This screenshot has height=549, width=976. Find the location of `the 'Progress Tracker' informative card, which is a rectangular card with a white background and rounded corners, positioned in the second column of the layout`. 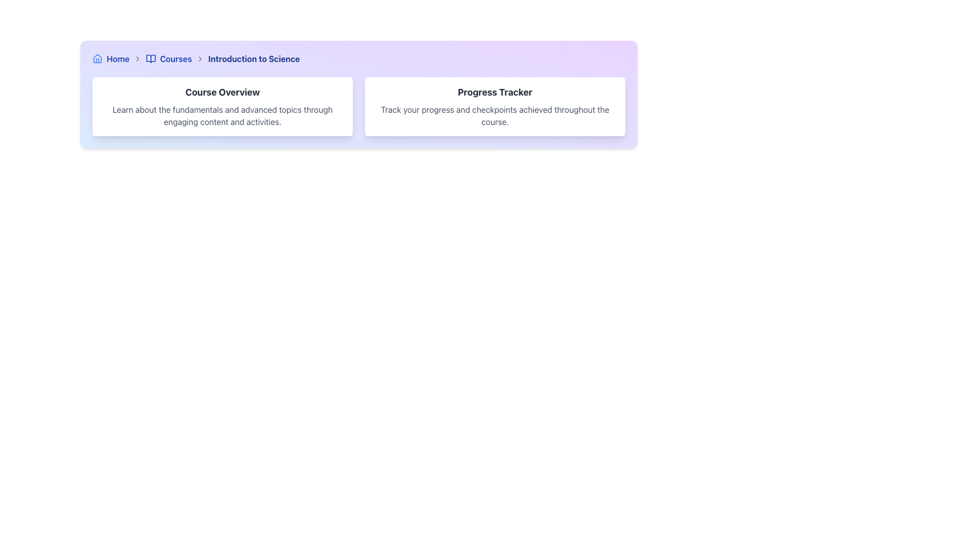

the 'Progress Tracker' informative card, which is a rectangular card with a white background and rounded corners, positioned in the second column of the layout is located at coordinates (495, 106).